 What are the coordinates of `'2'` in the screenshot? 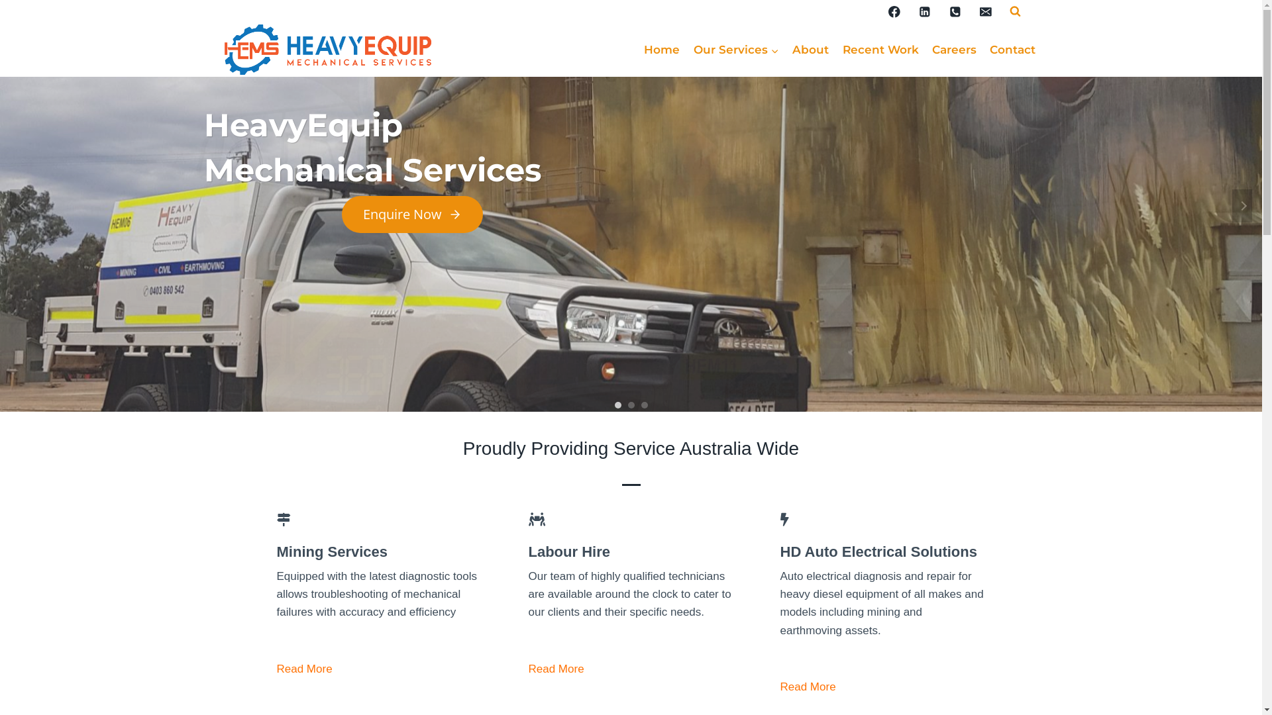 It's located at (629, 405).